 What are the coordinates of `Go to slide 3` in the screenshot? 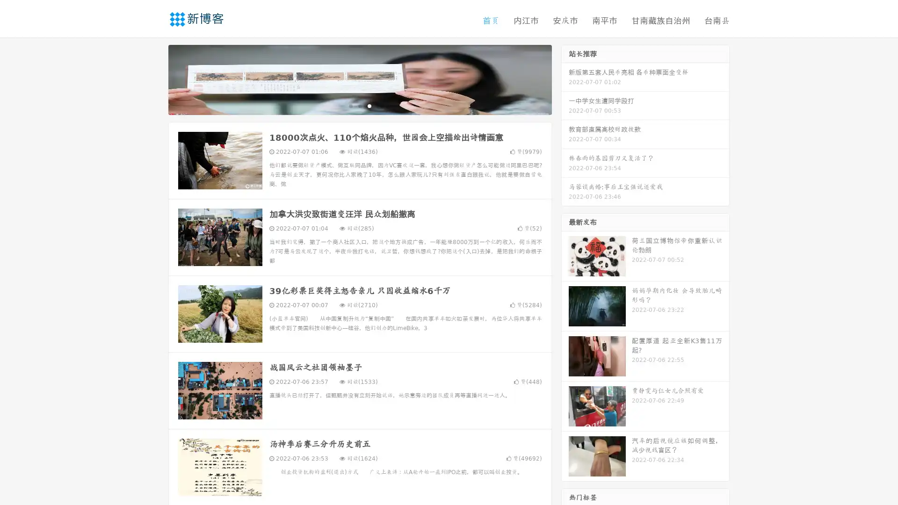 It's located at (369, 105).